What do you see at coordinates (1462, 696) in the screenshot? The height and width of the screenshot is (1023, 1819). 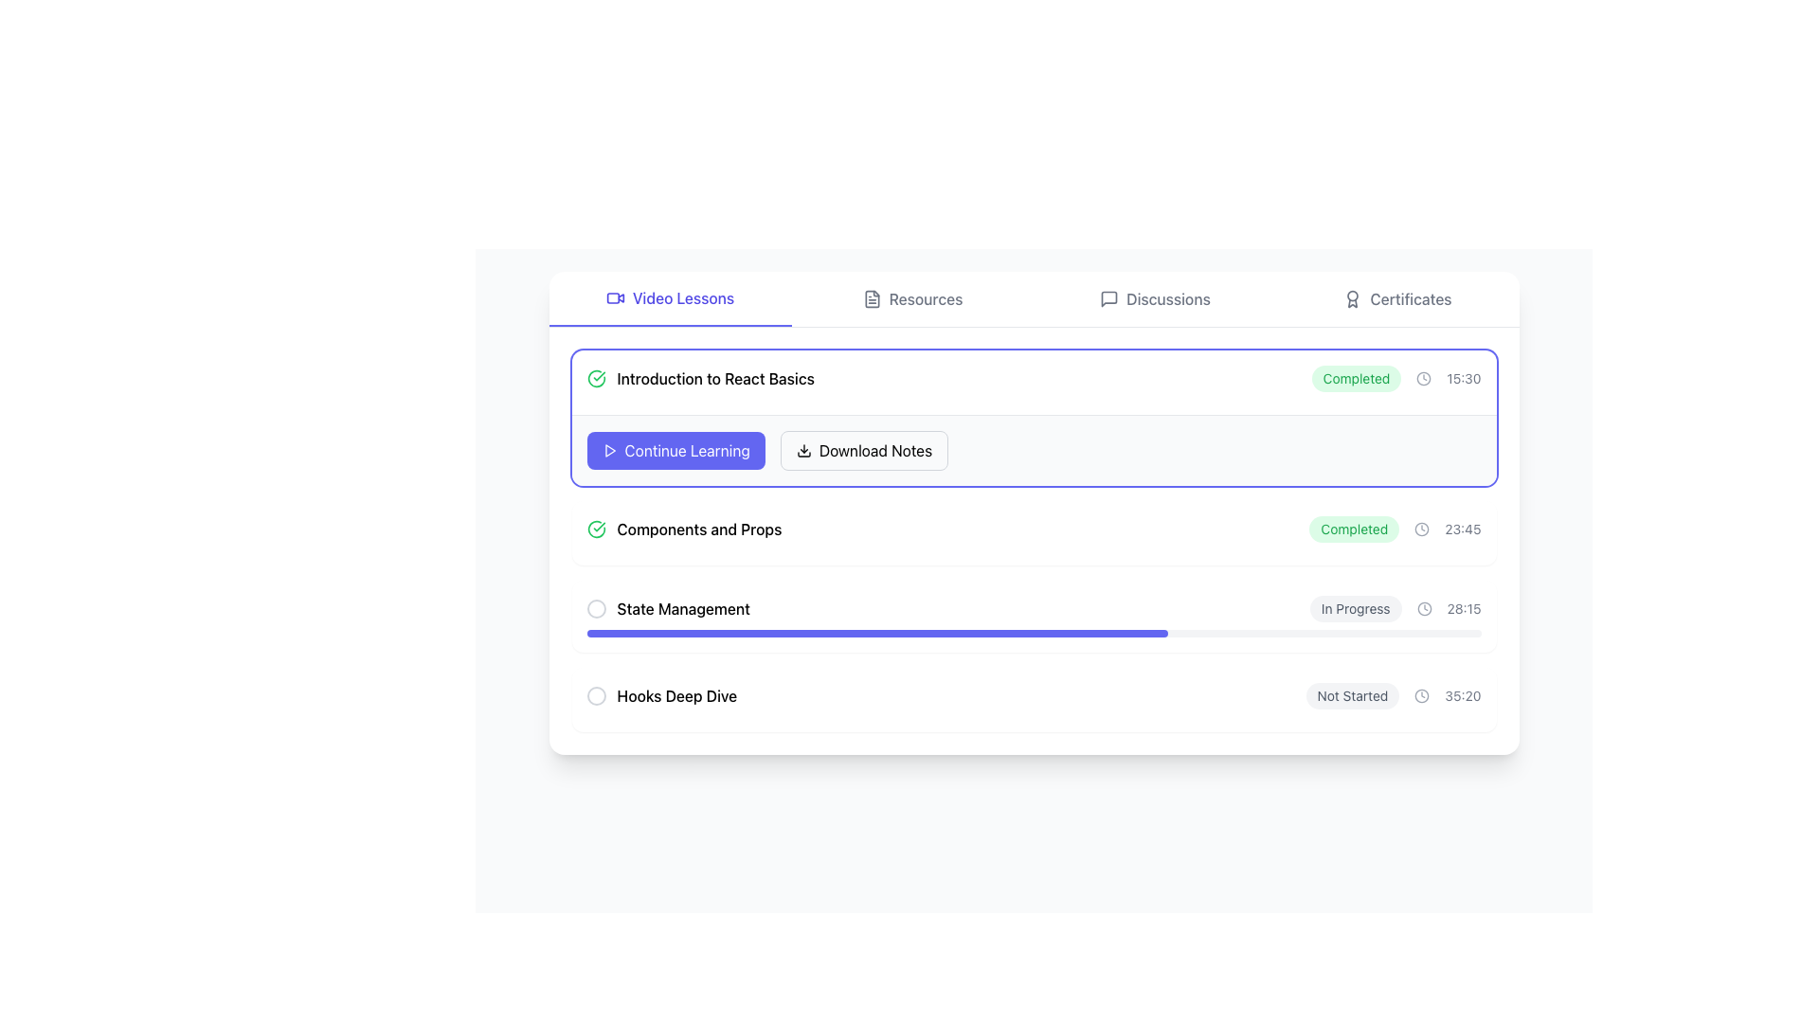 I see `the text label displaying '35:20', which is positioned at the far right of the horizontal group containing the 'Not Started' label and a clock icon` at bounding box center [1462, 696].